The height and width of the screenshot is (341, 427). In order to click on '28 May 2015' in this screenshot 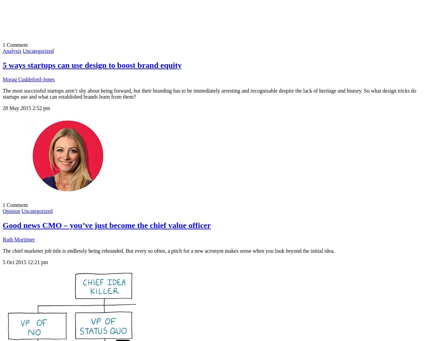, I will do `click(17, 108)`.